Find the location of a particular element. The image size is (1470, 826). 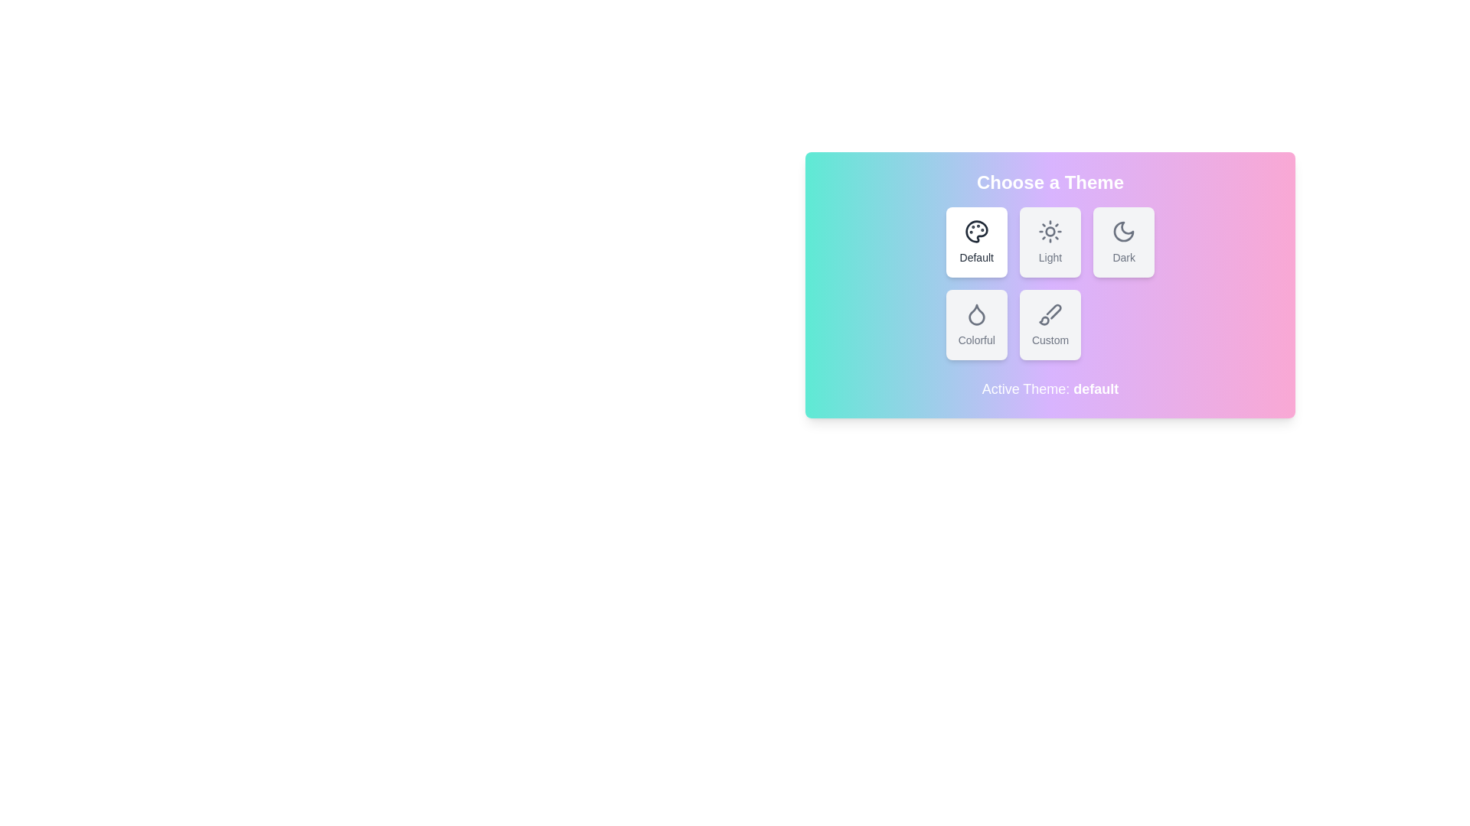

the theme custom by clicking the corresponding button is located at coordinates (1050, 324).